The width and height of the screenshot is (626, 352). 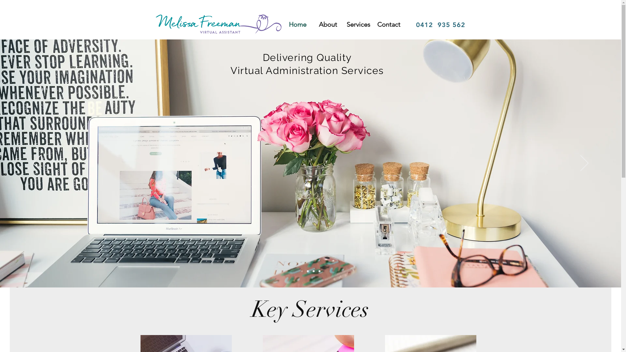 What do you see at coordinates (297, 24) in the screenshot?
I see `'Home'` at bounding box center [297, 24].